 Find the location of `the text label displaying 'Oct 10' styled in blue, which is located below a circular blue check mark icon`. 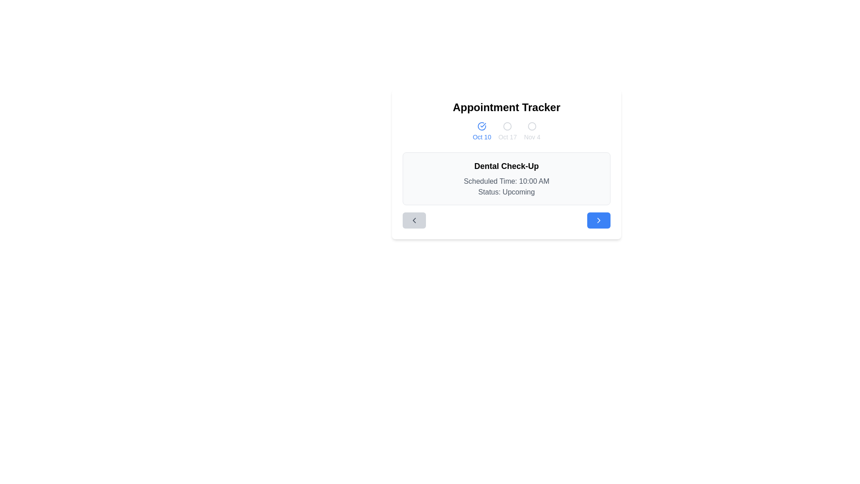

the text label displaying 'Oct 10' styled in blue, which is located below a circular blue check mark icon is located at coordinates (482, 137).